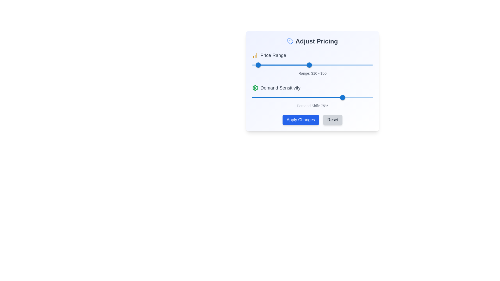 Image resolution: width=500 pixels, height=281 pixels. What do you see at coordinates (349, 97) in the screenshot?
I see `the Demand Sensitivity value` at bounding box center [349, 97].